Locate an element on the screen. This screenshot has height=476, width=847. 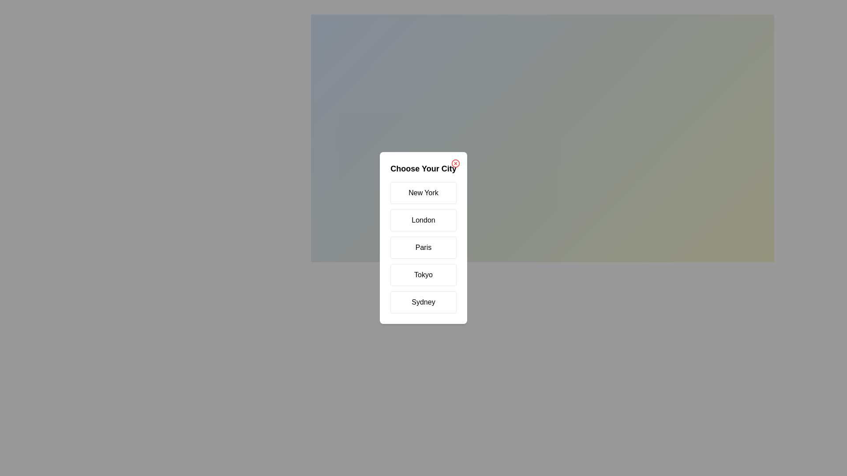
the city Tokyo from the list is located at coordinates (423, 275).